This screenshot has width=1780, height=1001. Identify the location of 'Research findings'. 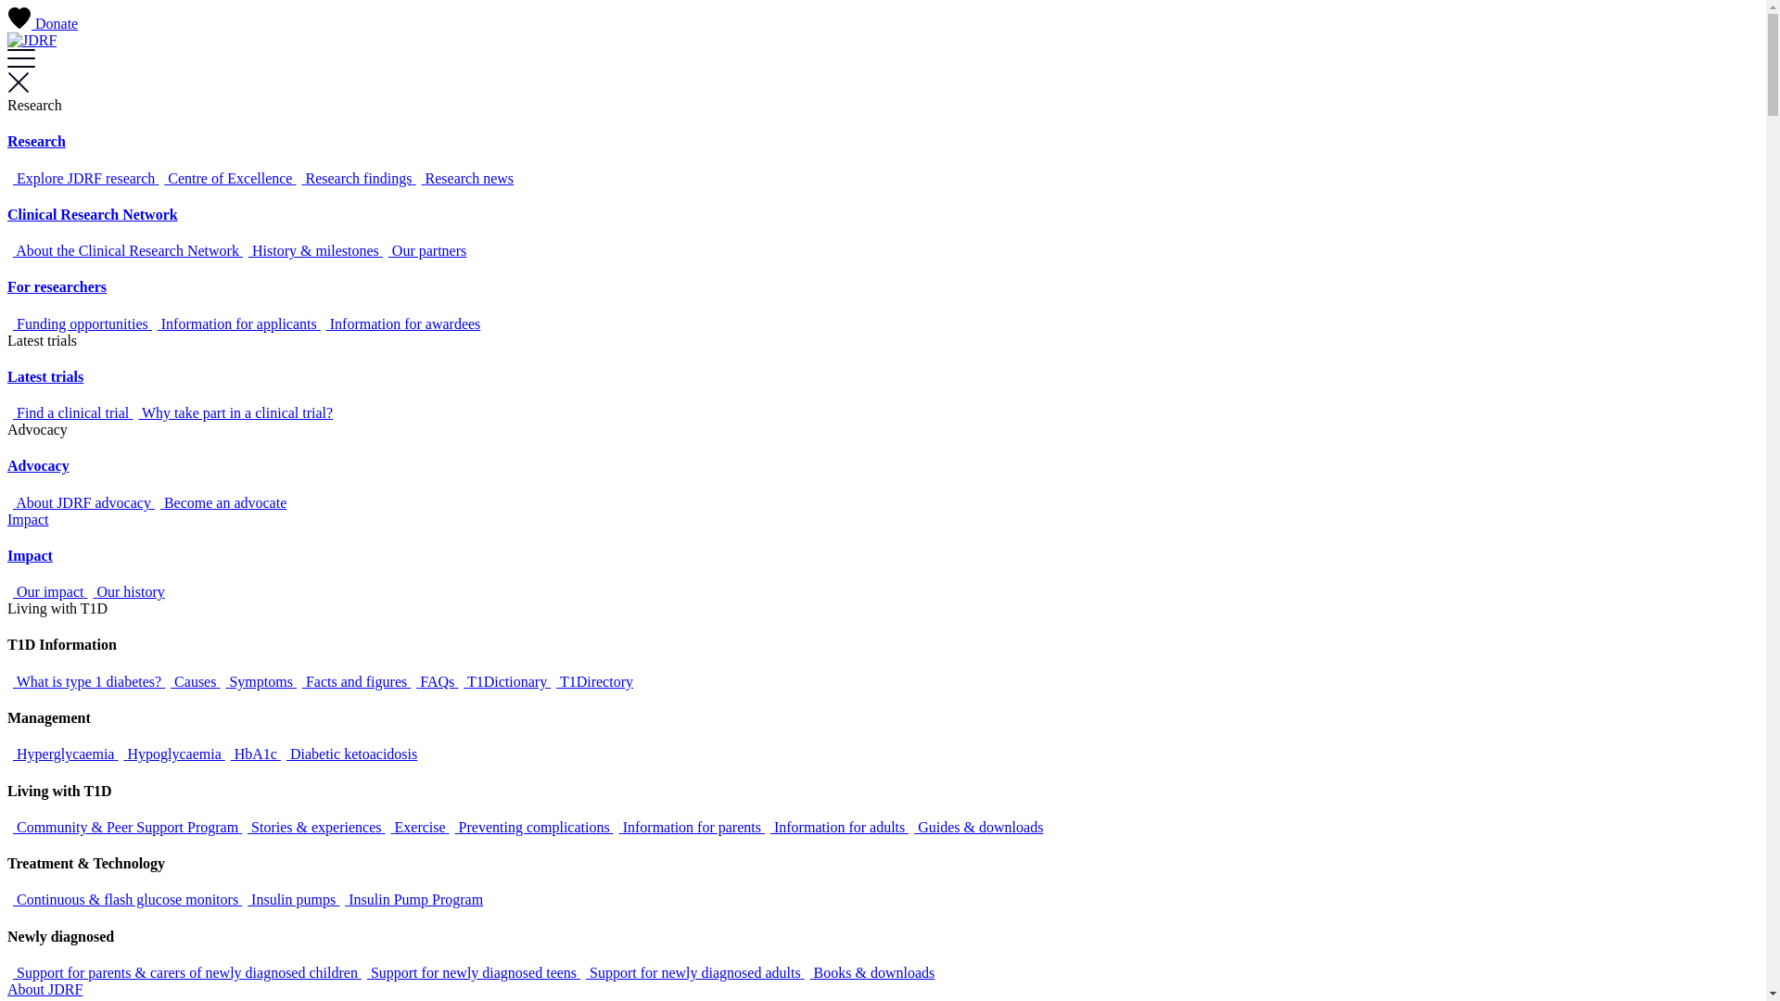
(355, 178).